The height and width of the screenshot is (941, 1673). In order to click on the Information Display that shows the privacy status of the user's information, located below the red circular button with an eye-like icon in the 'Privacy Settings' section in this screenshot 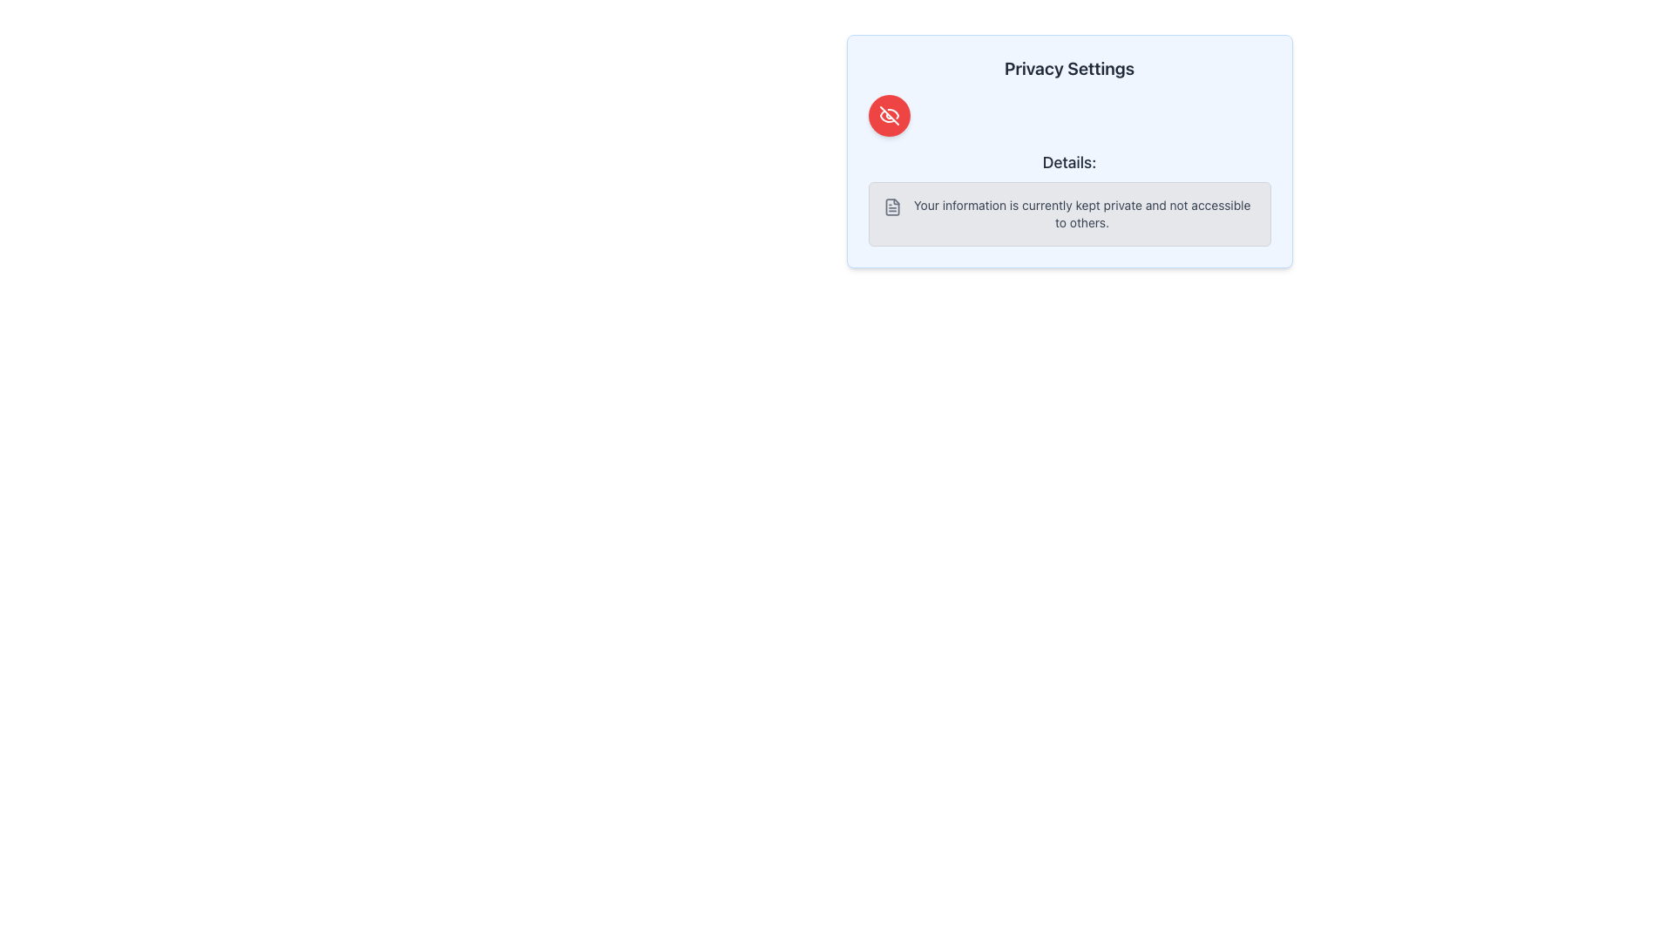, I will do `click(1068, 197)`.